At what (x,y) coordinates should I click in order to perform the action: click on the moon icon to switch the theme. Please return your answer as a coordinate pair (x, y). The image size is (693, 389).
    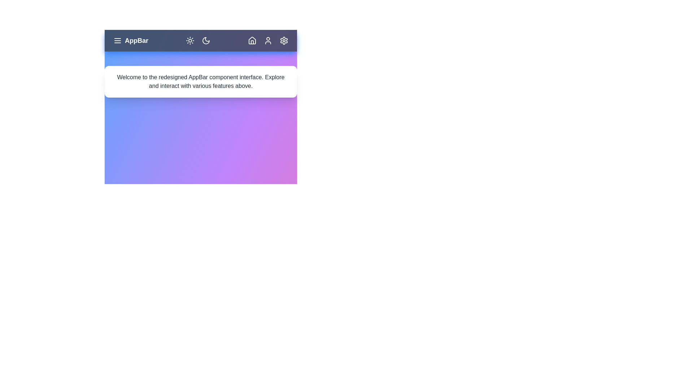
    Looking at the image, I should click on (206, 40).